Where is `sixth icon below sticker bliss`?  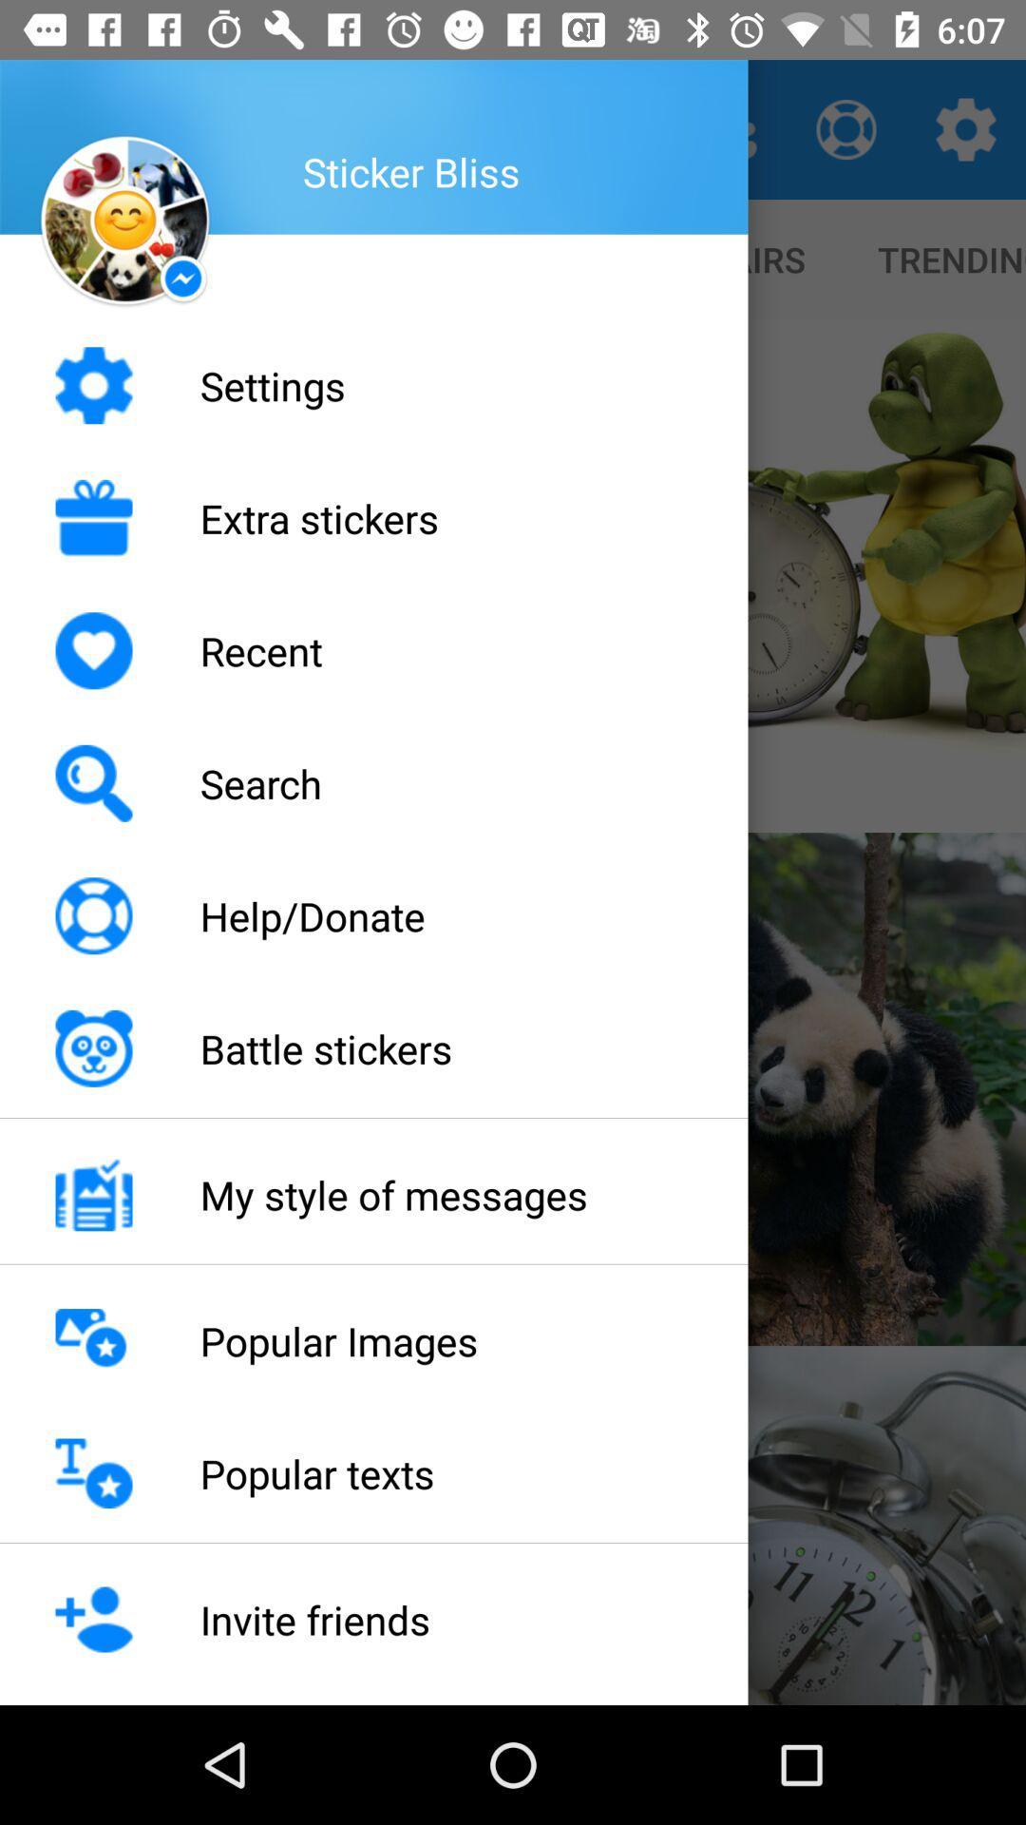 sixth icon below sticker bliss is located at coordinates (94, 1047).